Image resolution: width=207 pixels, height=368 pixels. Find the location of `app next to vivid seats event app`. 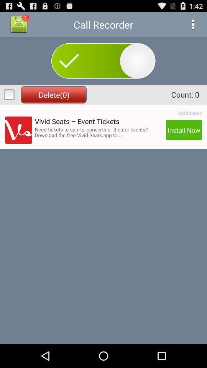

app next to vivid seats event app is located at coordinates (189, 113).